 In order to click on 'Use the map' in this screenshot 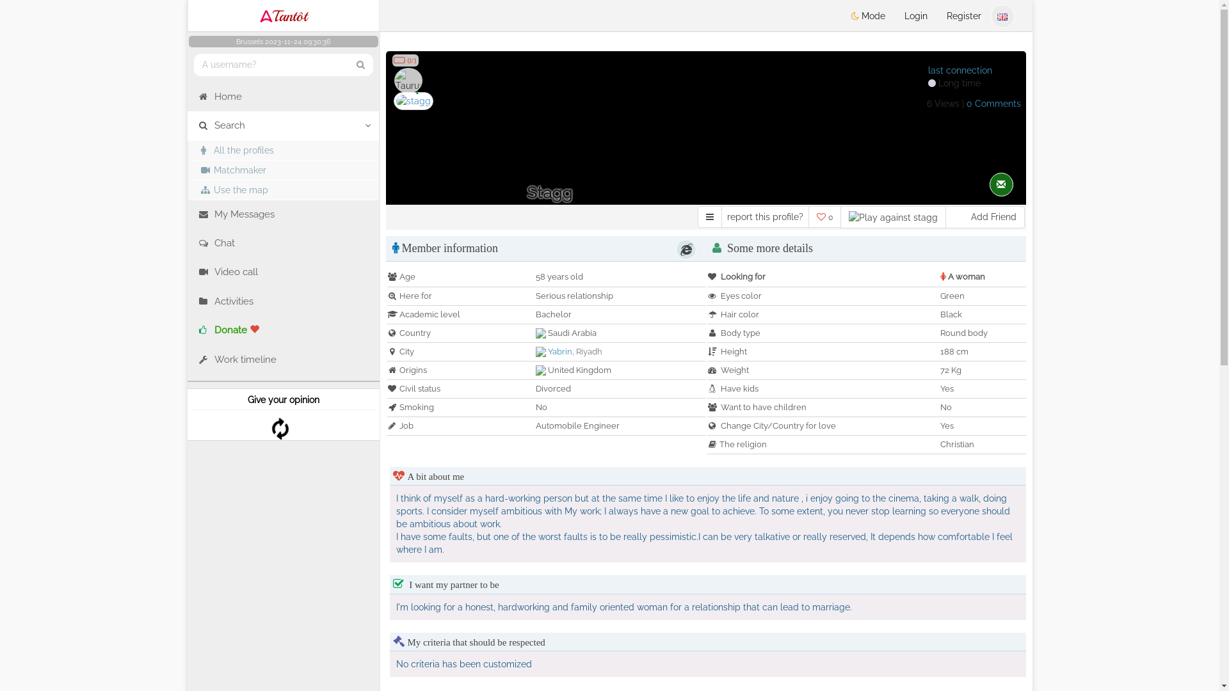, I will do `click(284, 190)`.